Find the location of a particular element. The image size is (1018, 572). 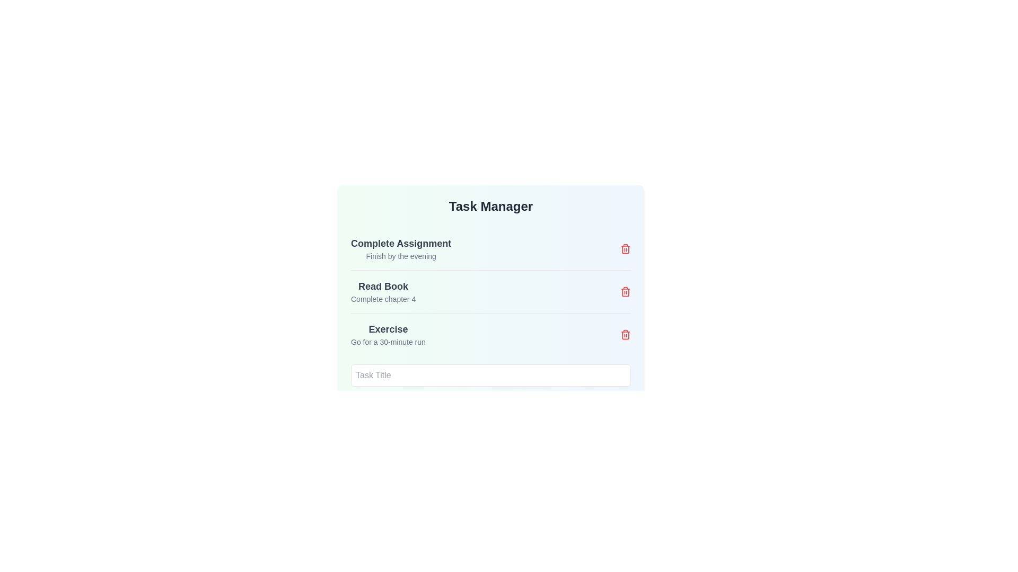

the delete Icon button located to the right of the 'Complete Assignment' task is located at coordinates (626, 249).